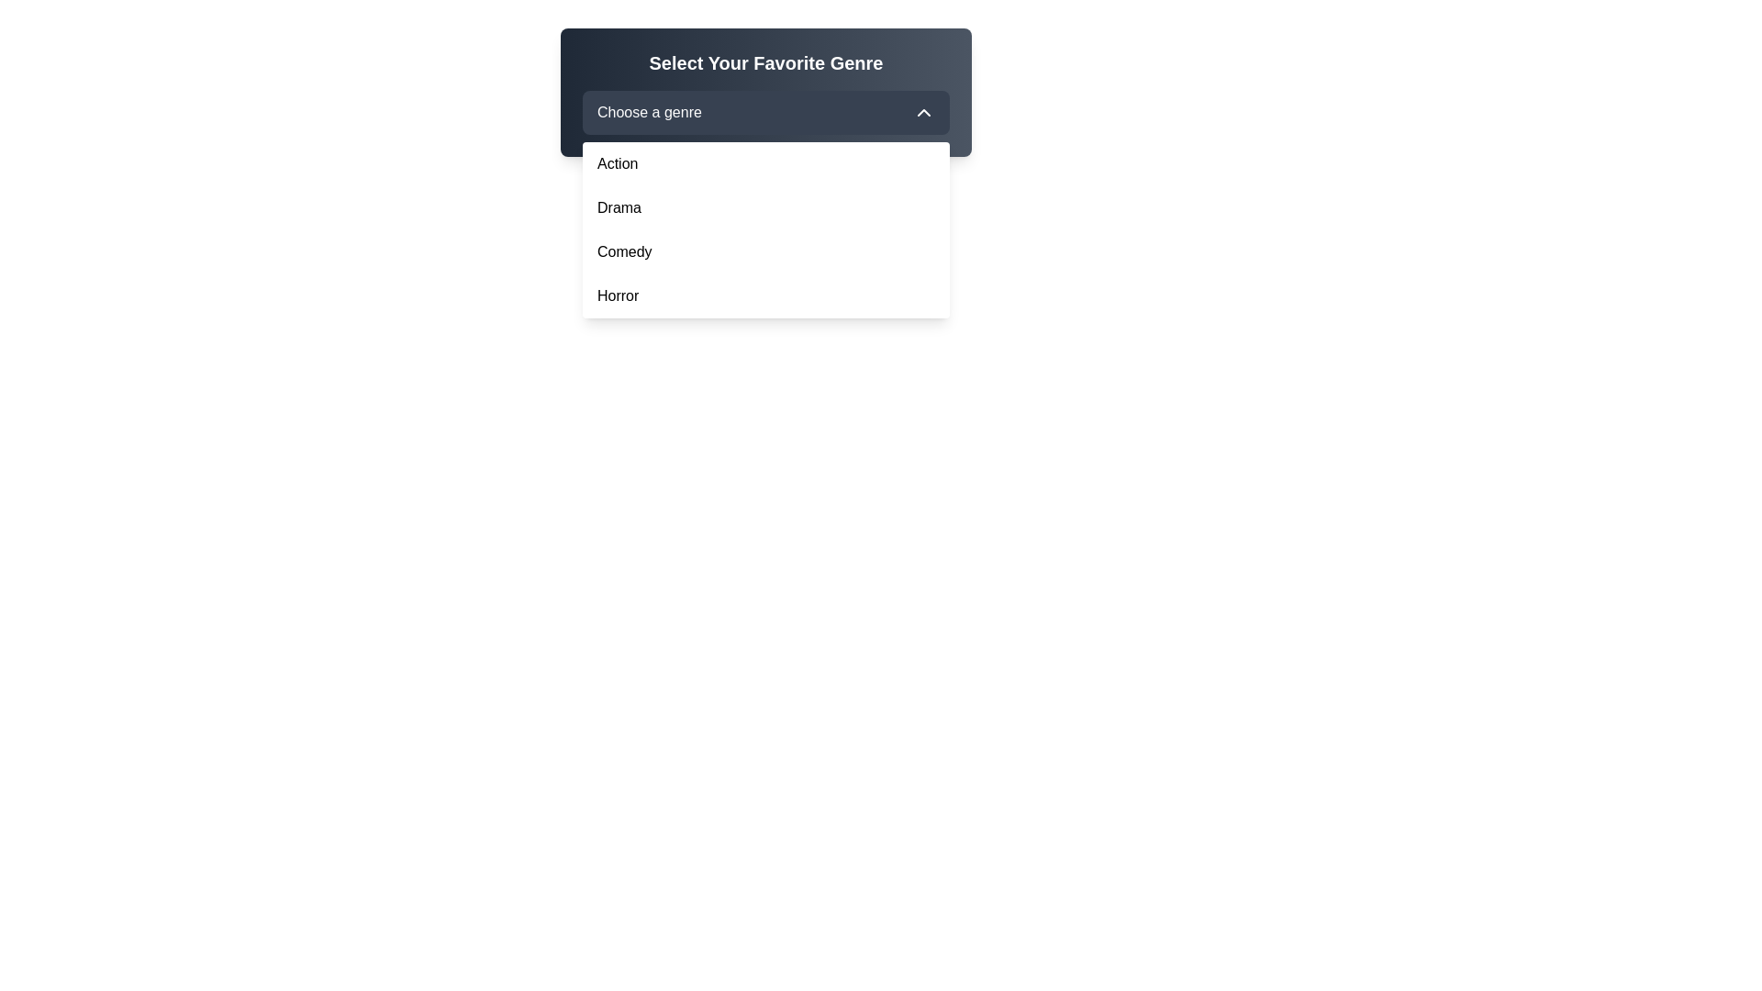 This screenshot has height=991, width=1762. I want to click on to select the 'Horror' option from the dropdown menu, which is the last item styled with a sans-serif font in black on a white background, so click(618, 295).